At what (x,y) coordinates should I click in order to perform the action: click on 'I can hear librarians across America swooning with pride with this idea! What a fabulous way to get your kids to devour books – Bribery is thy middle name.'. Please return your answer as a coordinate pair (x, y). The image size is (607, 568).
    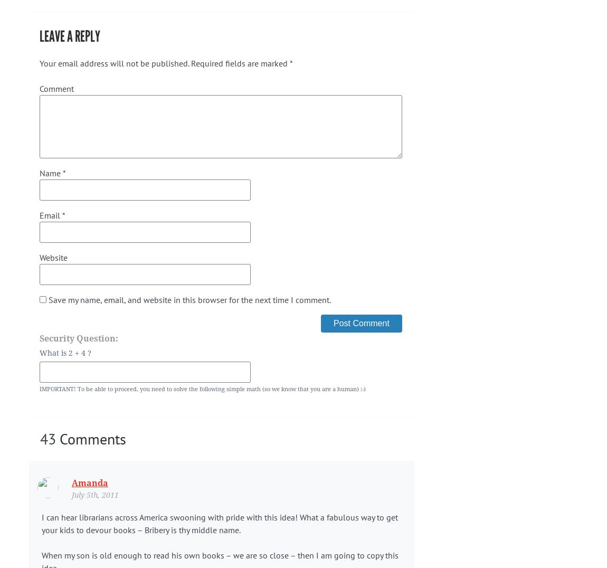
    Looking at the image, I should click on (41, 522).